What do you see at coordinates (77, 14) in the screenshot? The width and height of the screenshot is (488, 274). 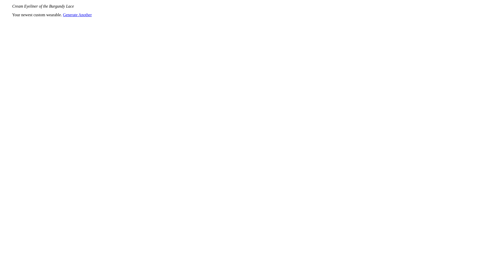 I see `'Generate Another'` at bounding box center [77, 14].